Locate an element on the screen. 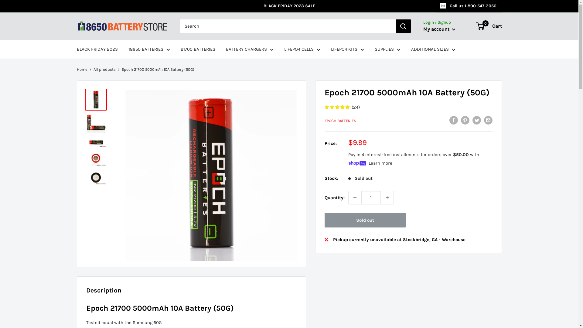 This screenshot has height=328, width=583. 'BATTERY CHARGERS' is located at coordinates (250, 49).